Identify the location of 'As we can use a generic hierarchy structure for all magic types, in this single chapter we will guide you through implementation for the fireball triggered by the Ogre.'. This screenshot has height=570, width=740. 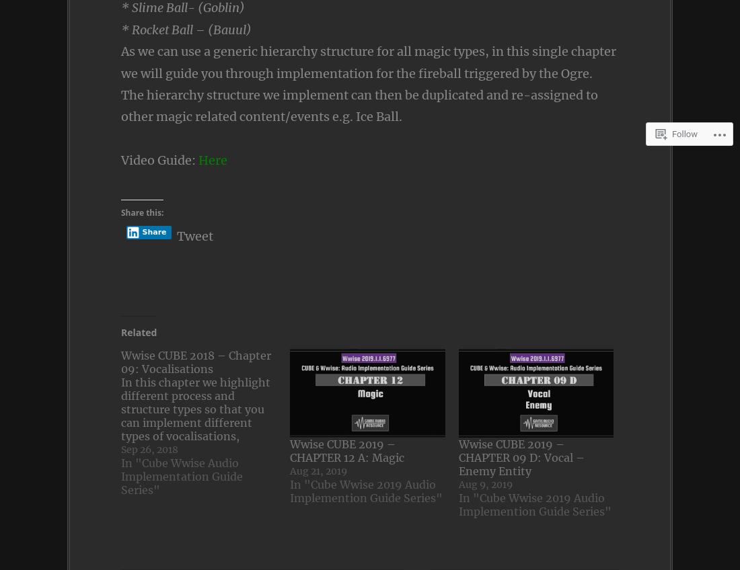
(369, 62).